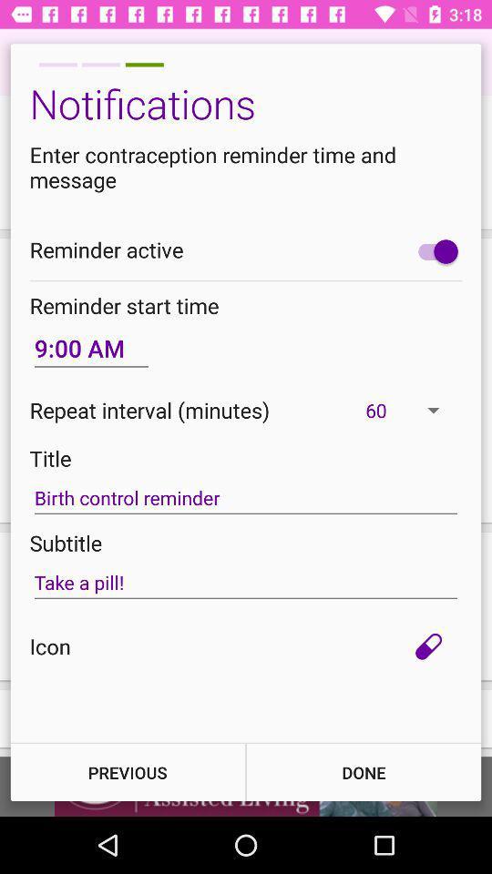  Describe the element at coordinates (90, 347) in the screenshot. I see `item on the left` at that location.